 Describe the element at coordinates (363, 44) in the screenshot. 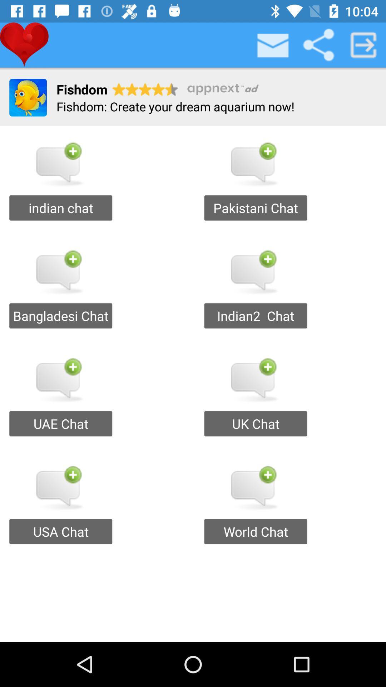

I see `the launch icon` at that location.